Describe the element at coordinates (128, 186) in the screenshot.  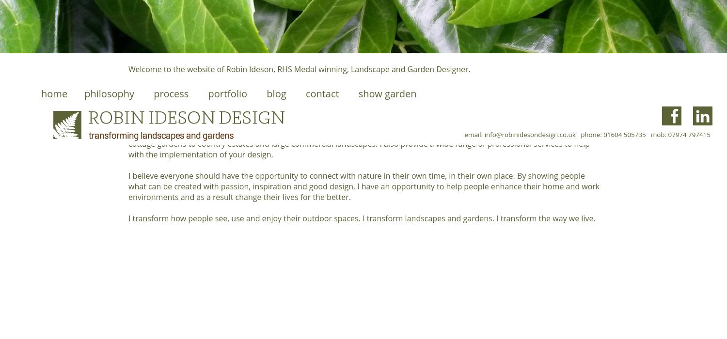
I see `'I believe everyone should have the opportunity to connect with nature in their own time, in their own place. By showing people what can be created with
passion, inspiration and good design, I have an opportunity to help people
enhance their home and work environments and as a result change their lives for the better.'` at that location.